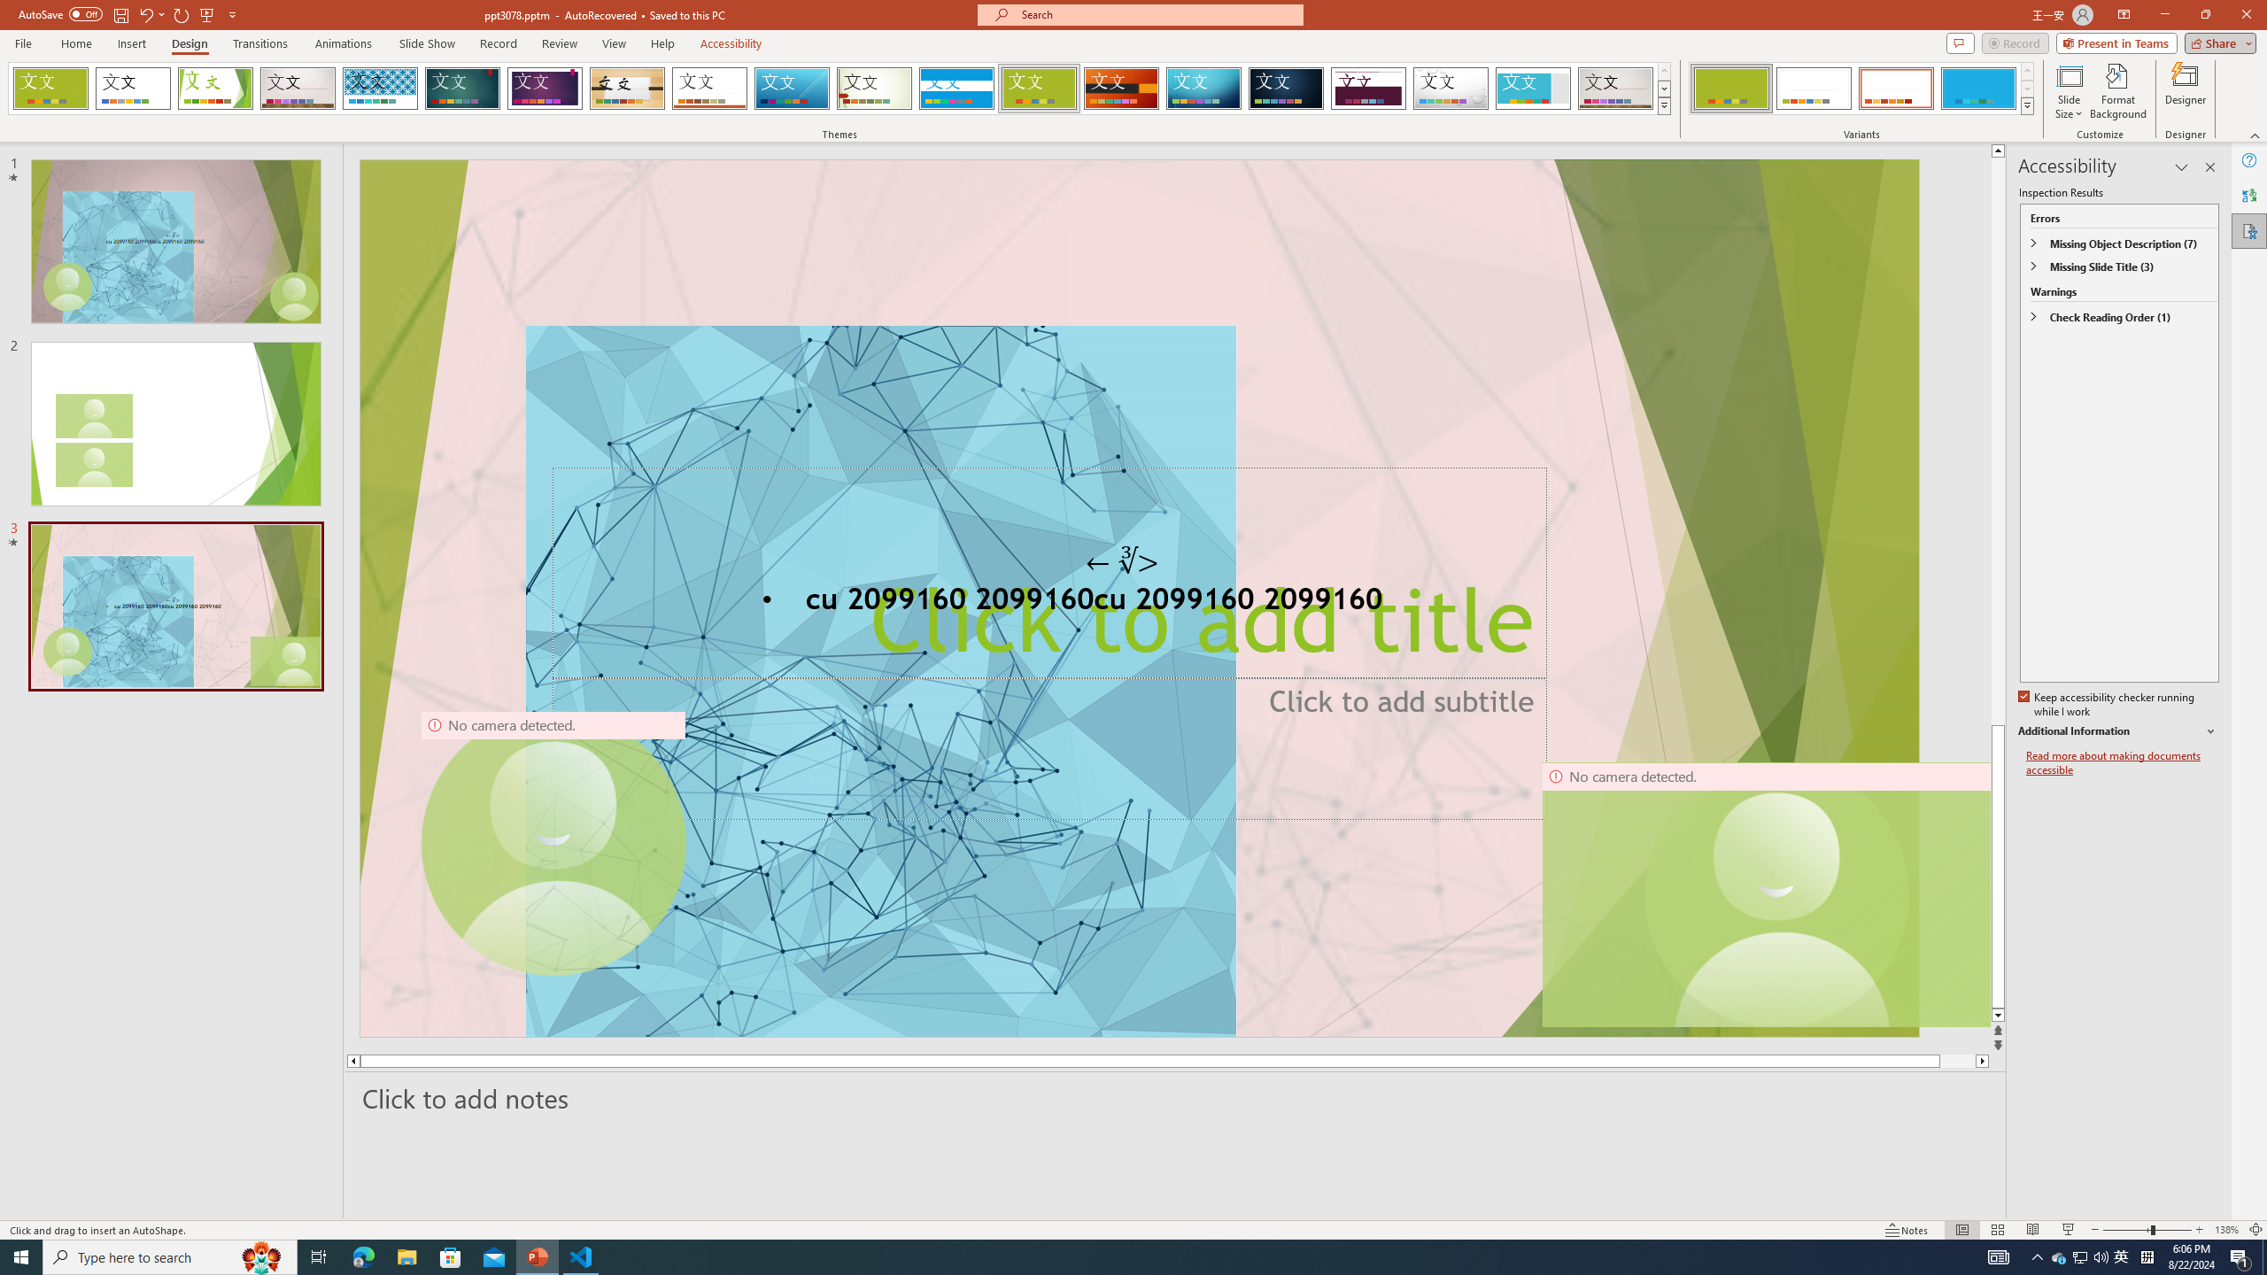 The height and width of the screenshot is (1275, 2267). Describe the element at coordinates (1137, 601) in the screenshot. I see `'TextBox 61'` at that location.